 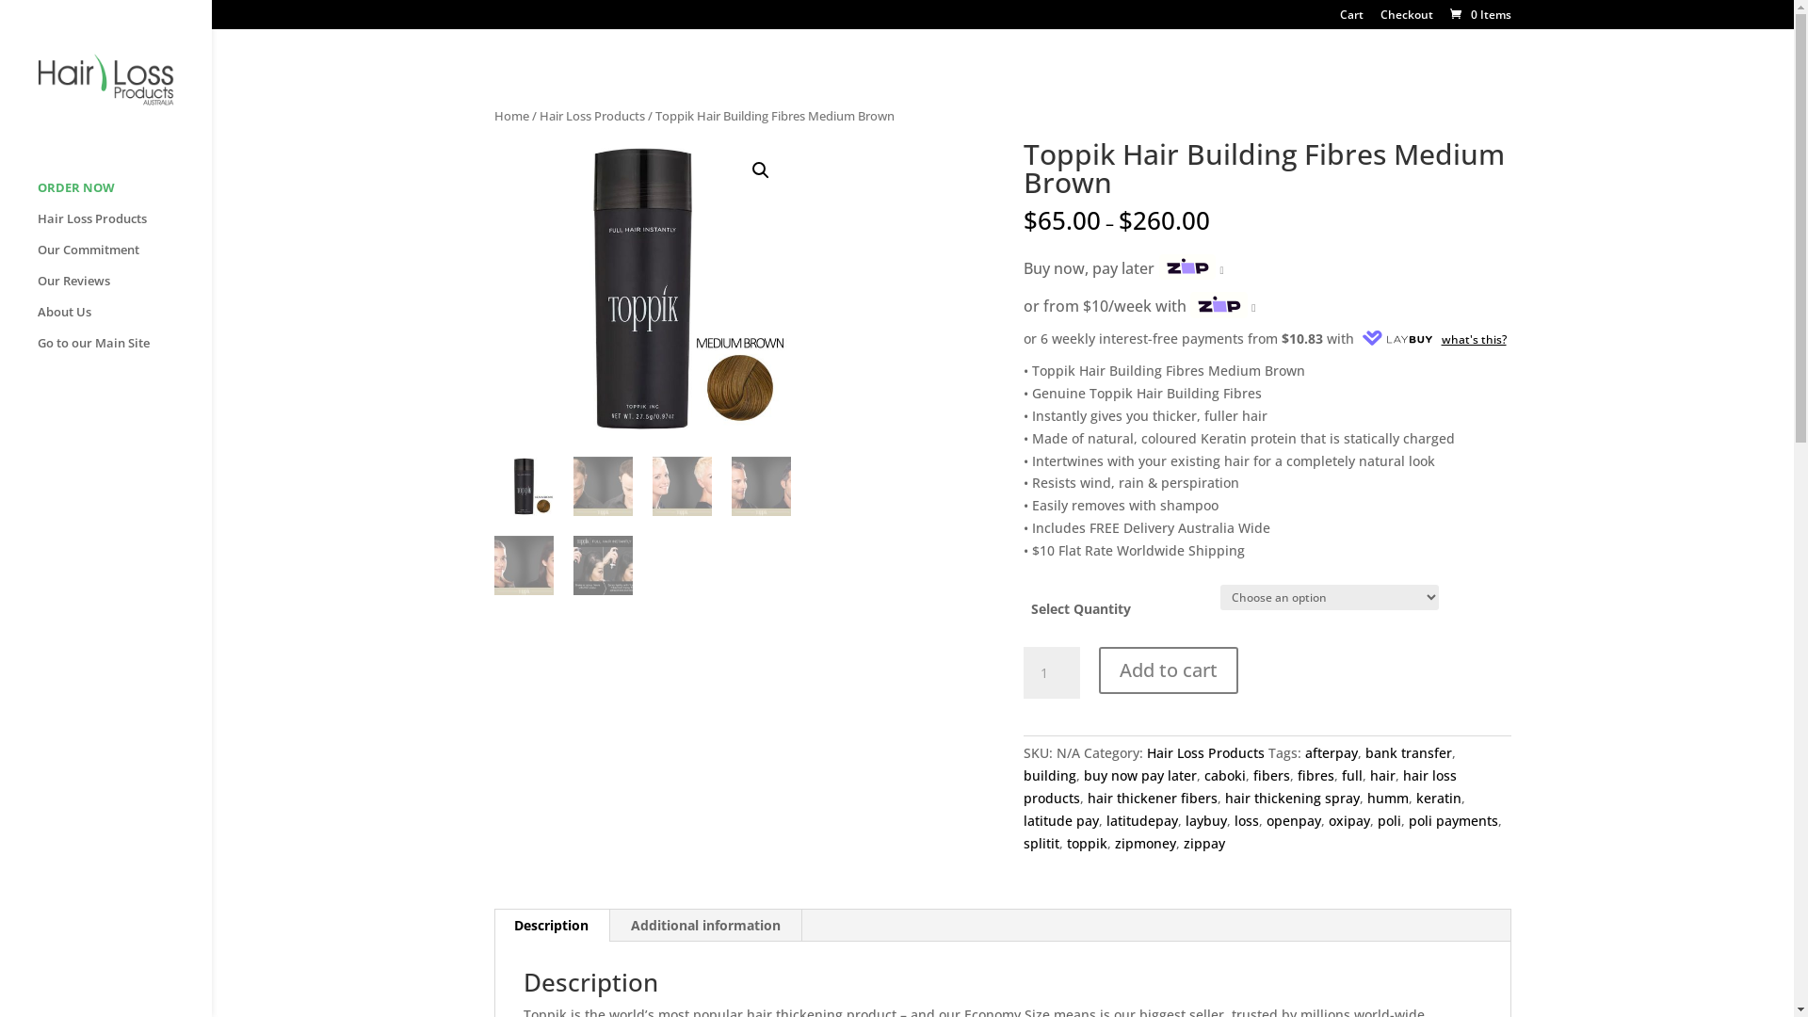 I want to click on 'latitude pay', so click(x=1061, y=819).